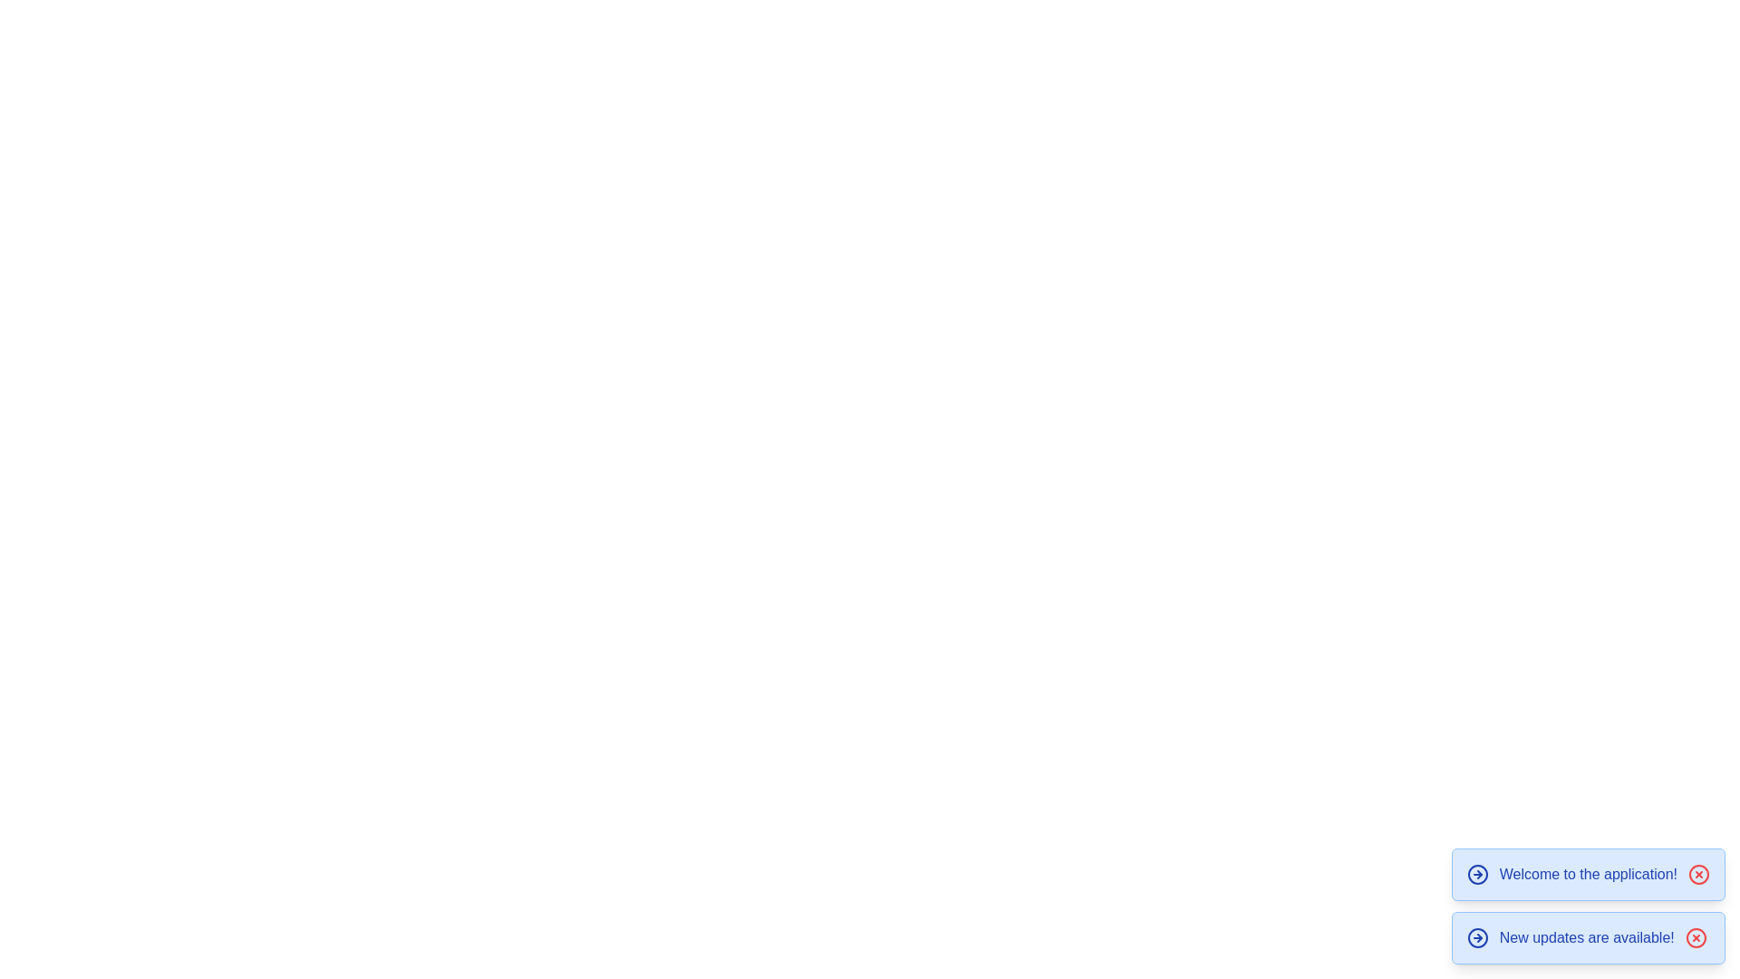 This screenshot has height=979, width=1740. What do you see at coordinates (1586, 937) in the screenshot?
I see `the static text element displaying the message 'New updates are available!' which is styled in blue and located within a blue notification box` at bounding box center [1586, 937].